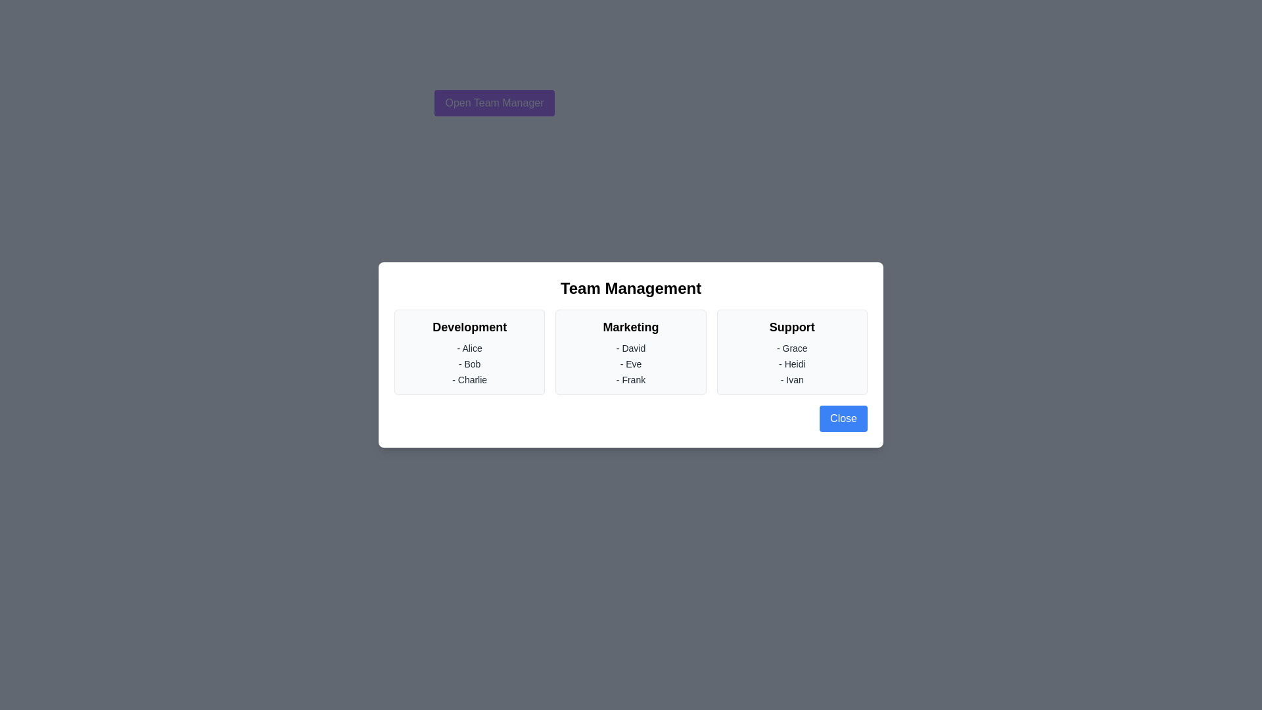  I want to click on 'Open Team Manager' button to open the dialog, so click(494, 103).